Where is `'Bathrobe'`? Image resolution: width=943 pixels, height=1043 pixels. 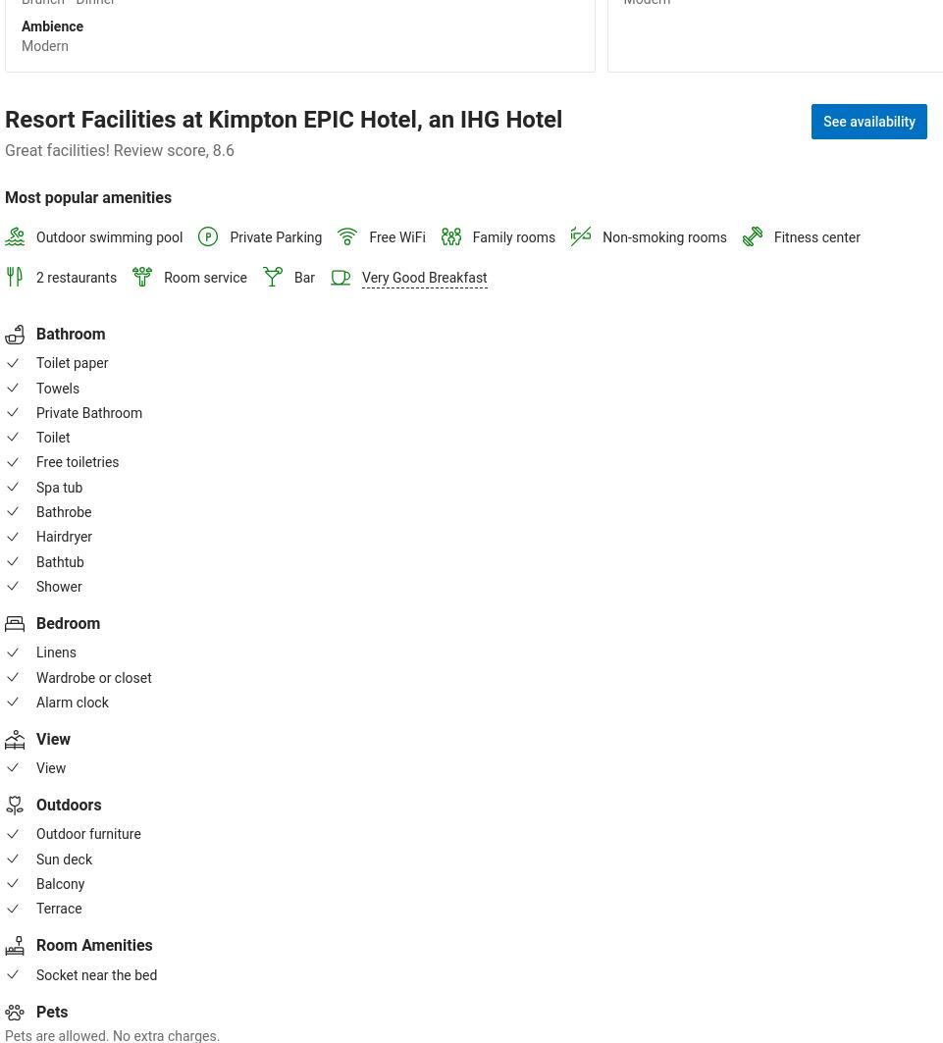
'Bathrobe' is located at coordinates (63, 512).